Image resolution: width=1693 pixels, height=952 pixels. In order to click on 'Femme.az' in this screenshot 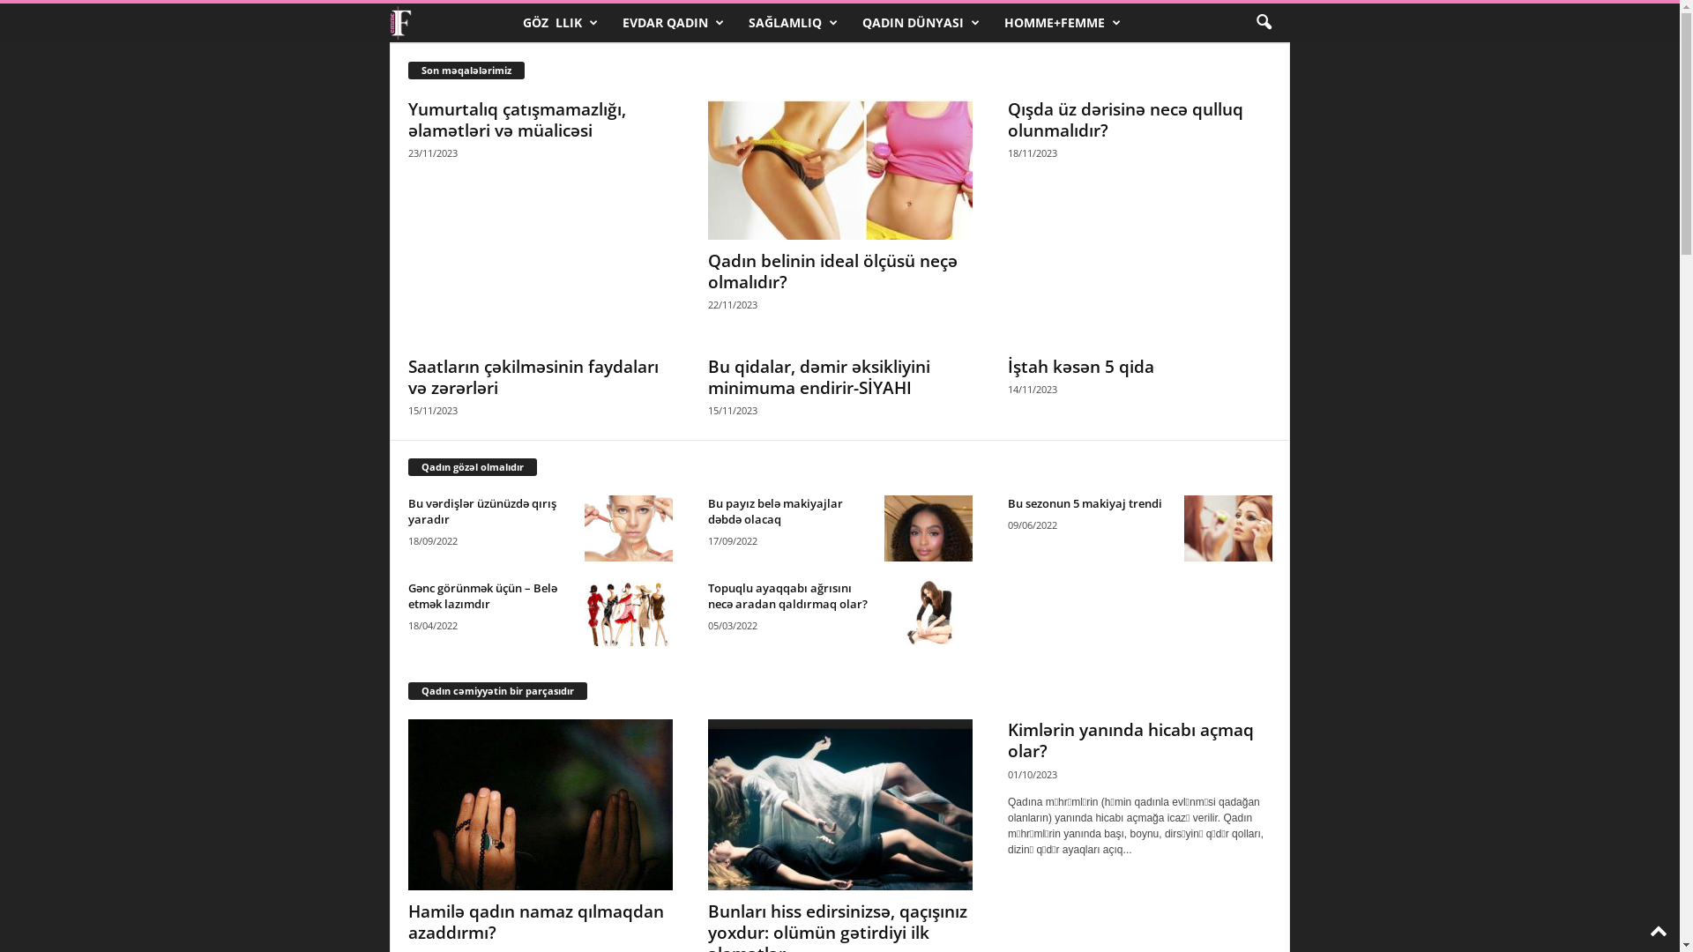, I will do `click(388, 23)`.